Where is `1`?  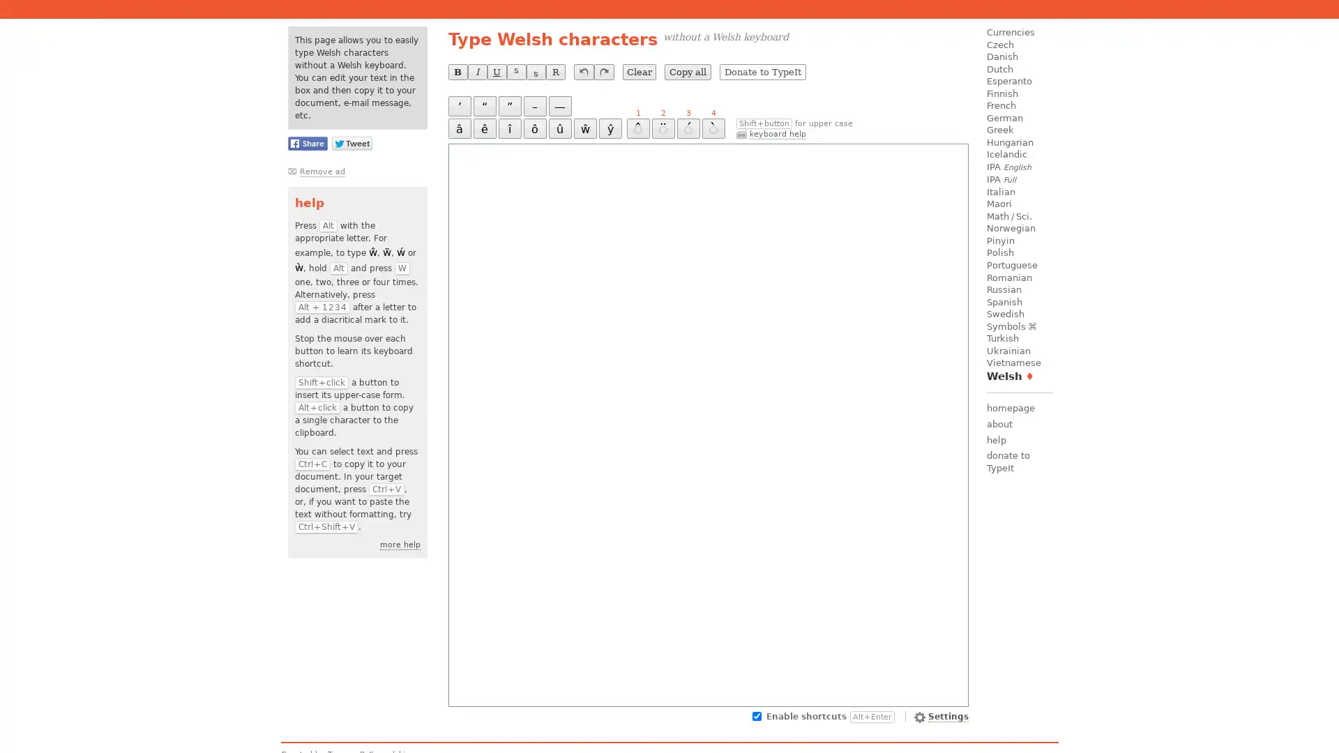
1 is located at coordinates (637, 128).